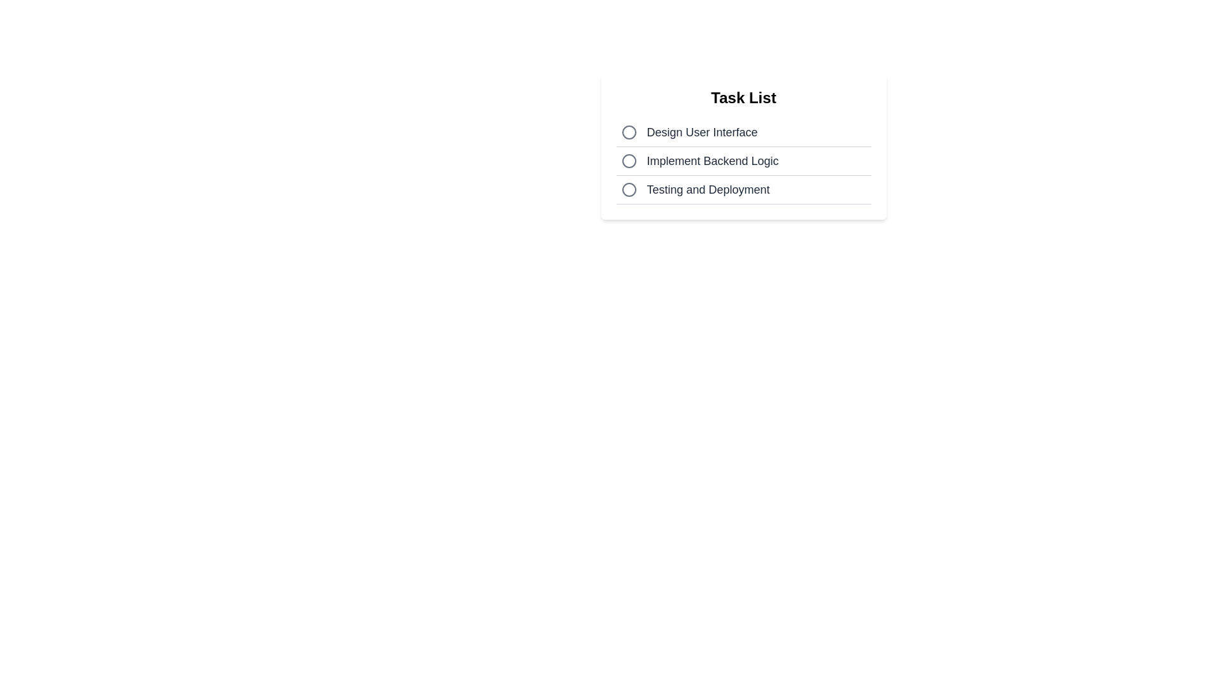 The height and width of the screenshot is (688, 1223). I want to click on the center circle of the checkbox for the task item 'Implement Backend Logic', so click(629, 161).